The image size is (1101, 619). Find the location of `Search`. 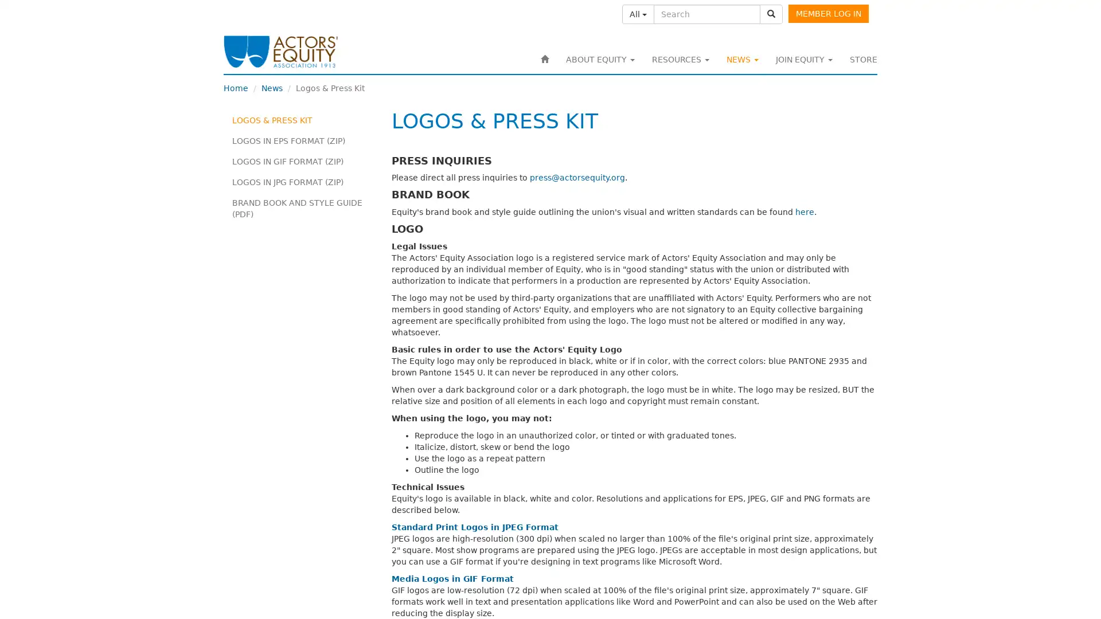

Search is located at coordinates (771, 14).